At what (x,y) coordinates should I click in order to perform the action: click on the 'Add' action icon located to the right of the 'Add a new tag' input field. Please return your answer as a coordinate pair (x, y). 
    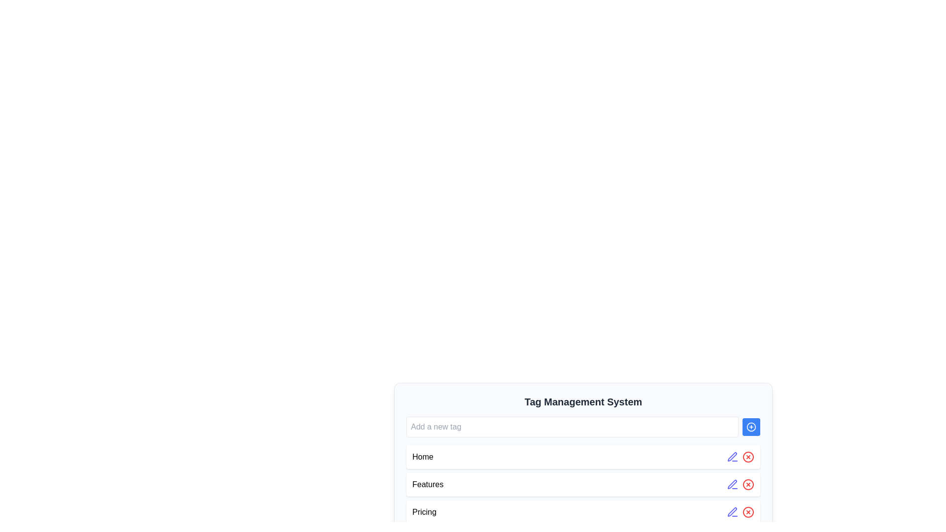
    Looking at the image, I should click on (751, 427).